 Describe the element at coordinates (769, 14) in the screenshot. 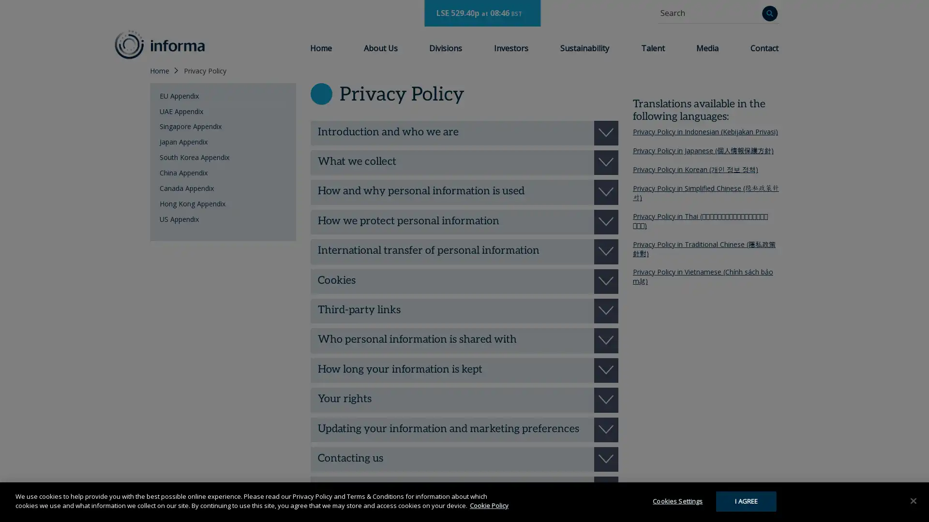

I see `Search` at that location.